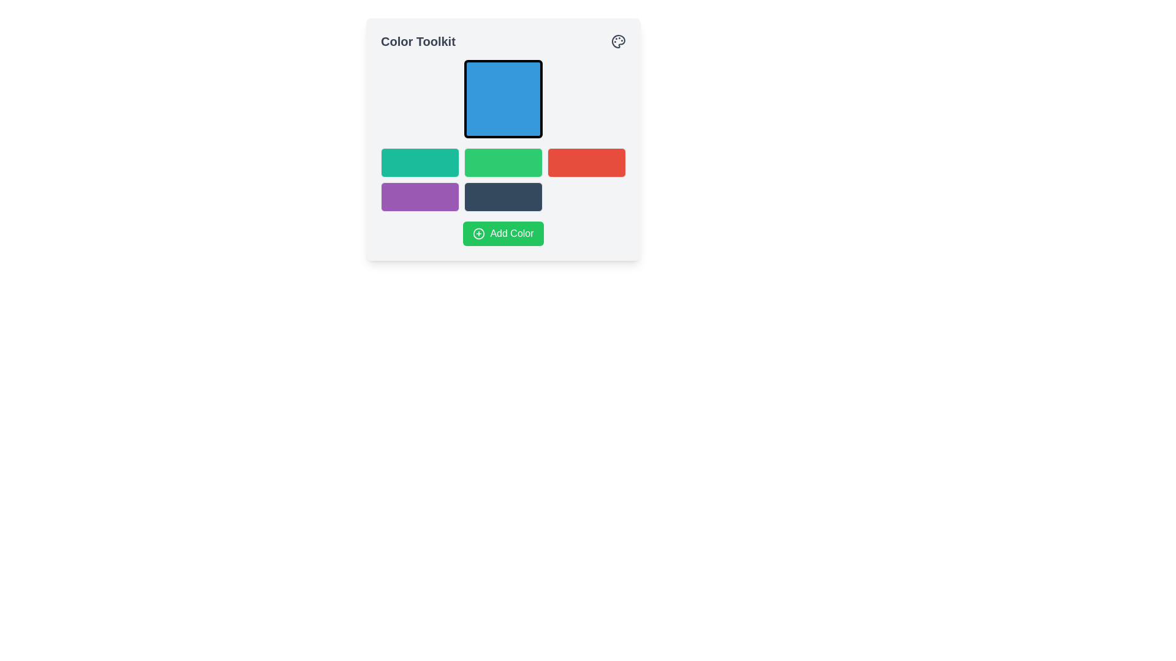  Describe the element at coordinates (586, 162) in the screenshot. I see `the bright red button located at the far right position of the top row in the button grid` at that location.